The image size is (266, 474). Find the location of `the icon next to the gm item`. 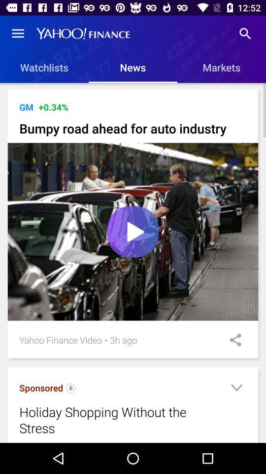

the icon next to the gm item is located at coordinates (53, 107).